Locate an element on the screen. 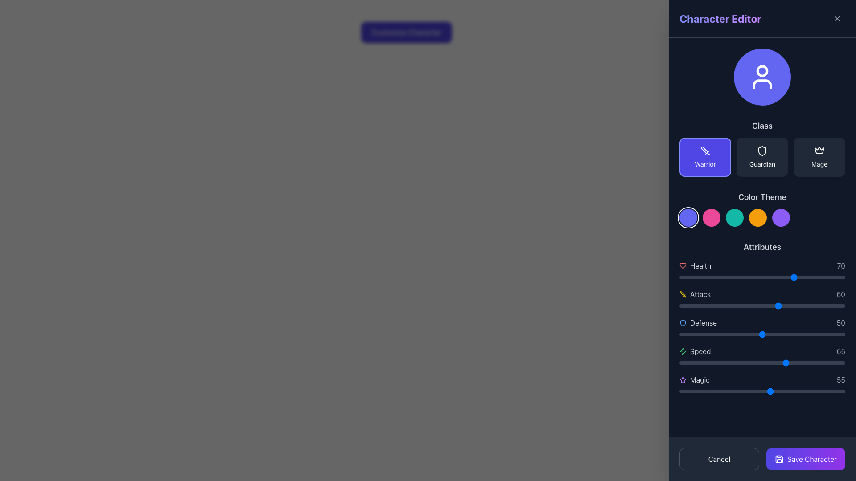 Image resolution: width=856 pixels, height=481 pixels. the magic attribute is located at coordinates (814, 391).